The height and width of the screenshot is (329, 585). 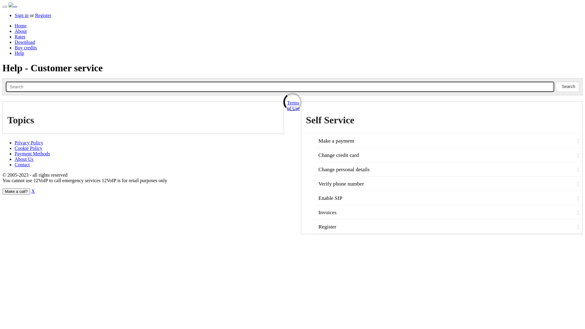 I want to click on 'Search', so click(x=6, y=87).